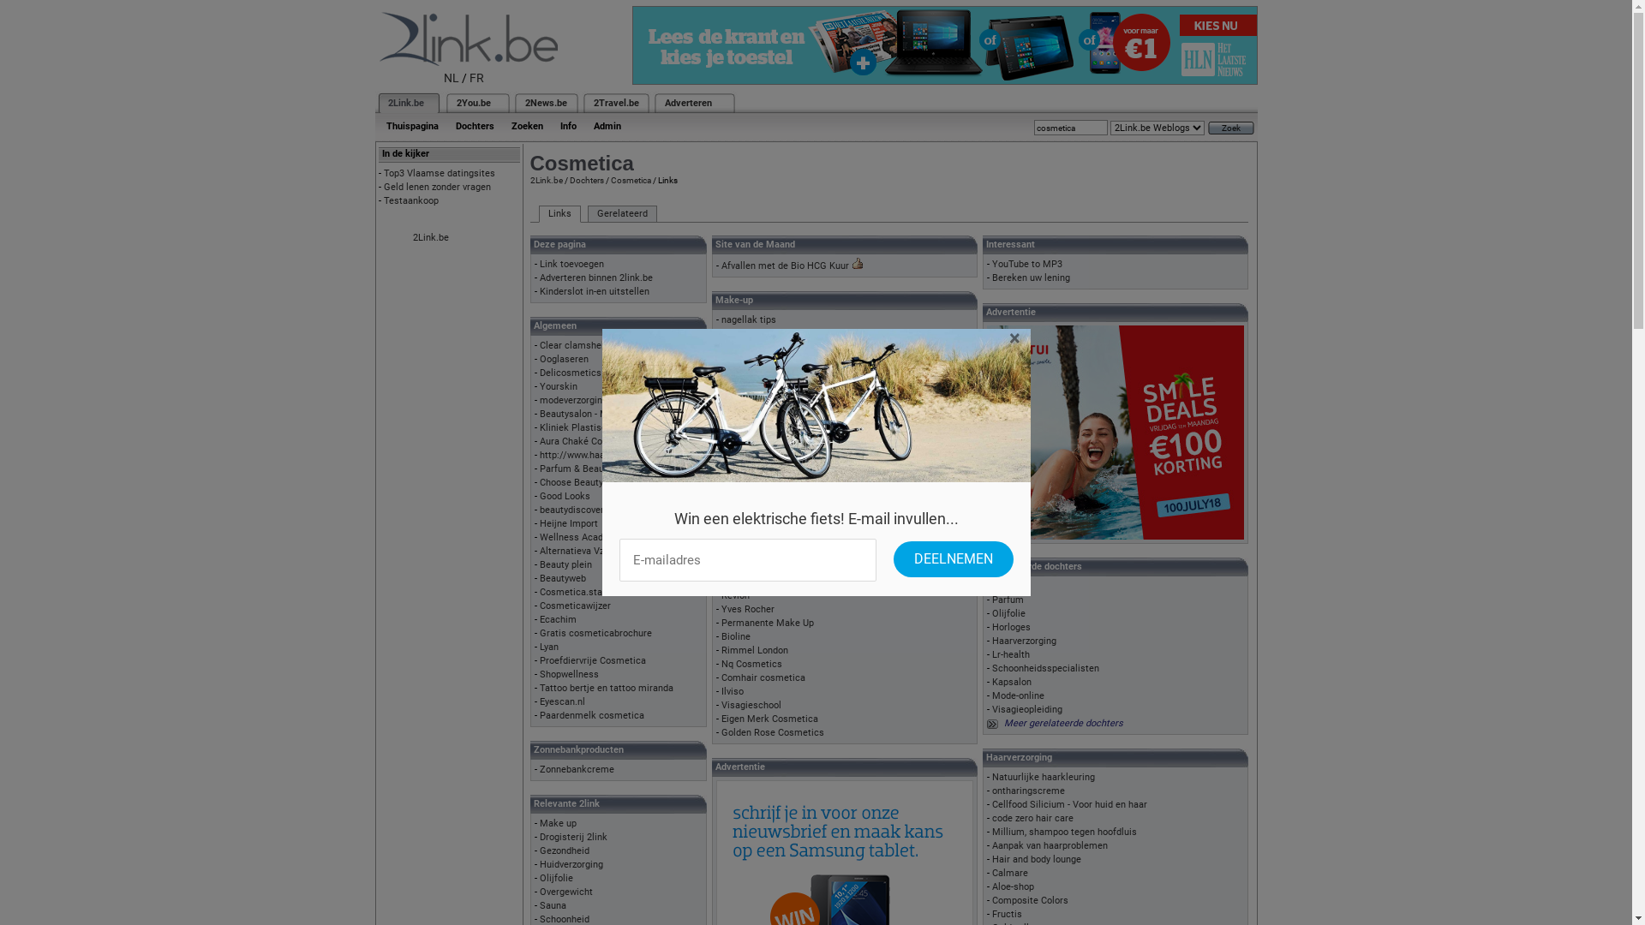  What do you see at coordinates (573, 400) in the screenshot?
I see `'modeverzorging'` at bounding box center [573, 400].